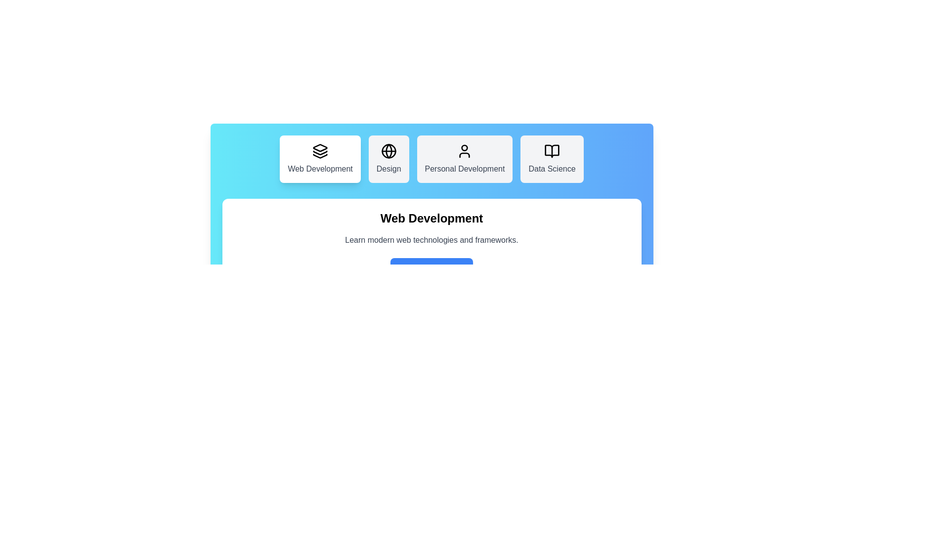  I want to click on the Personal Development tab to view its details, so click(464, 158).